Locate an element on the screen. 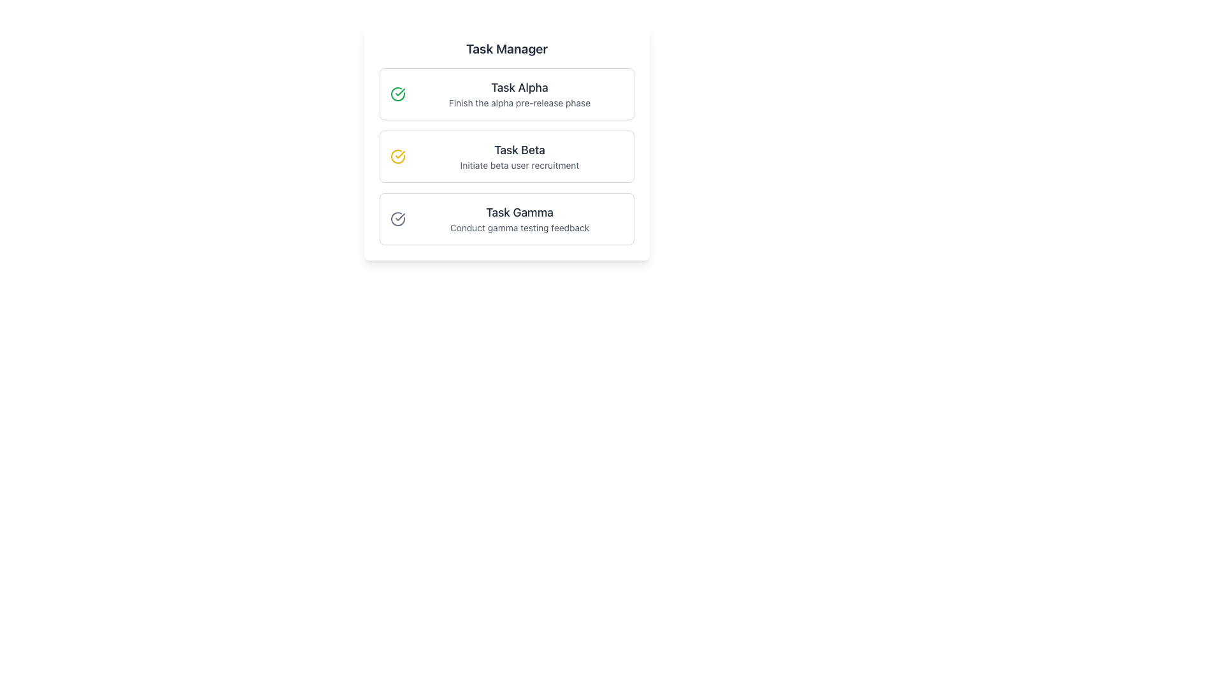 The height and width of the screenshot is (688, 1223). the bold text element reading 'Task Alpha' in the 'Task Manager' interface, which is styled with a larger font size and dark gray color, located at the top of the first task entry is located at coordinates (520, 87).